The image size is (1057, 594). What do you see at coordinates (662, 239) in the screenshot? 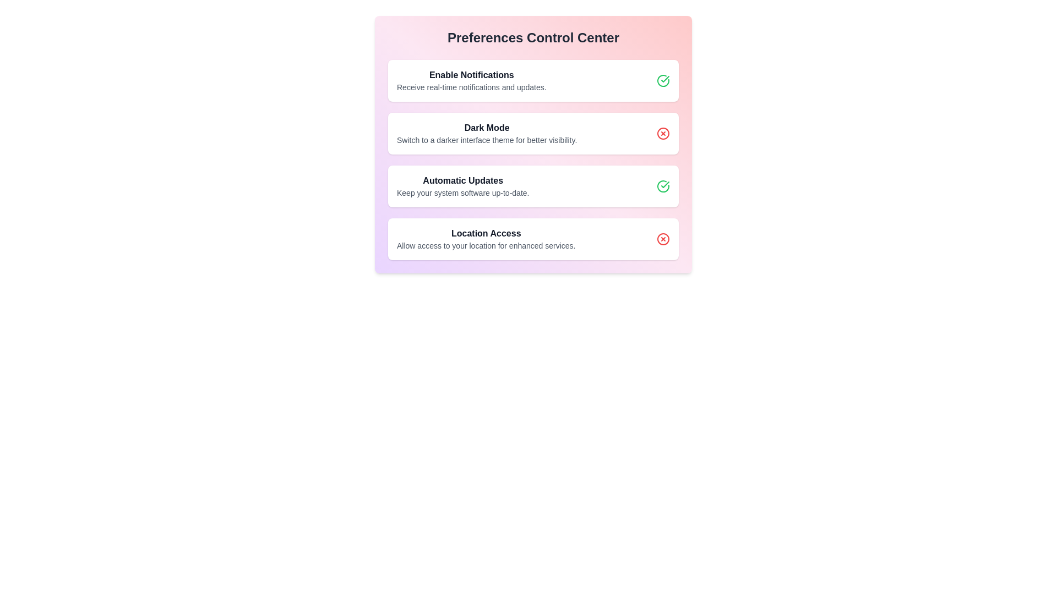
I see `the close or deny button for the 'Location Access' feature located on the right side of the 'Location Access' section within the Preferences Control Center interface` at bounding box center [662, 239].